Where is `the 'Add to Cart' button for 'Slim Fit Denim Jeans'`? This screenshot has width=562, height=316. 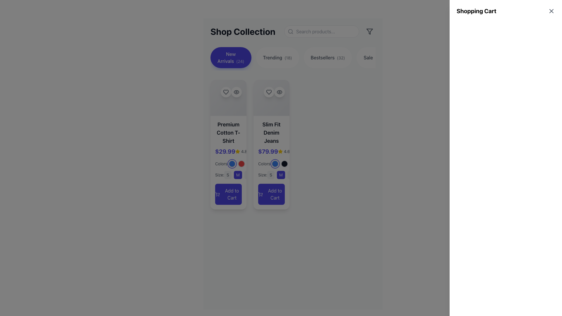 the 'Add to Cart' button for 'Slim Fit Denim Jeans' is located at coordinates (271, 194).